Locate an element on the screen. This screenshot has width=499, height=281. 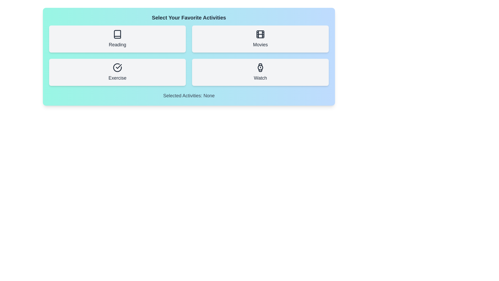
the activity button labeled Movies is located at coordinates (260, 39).